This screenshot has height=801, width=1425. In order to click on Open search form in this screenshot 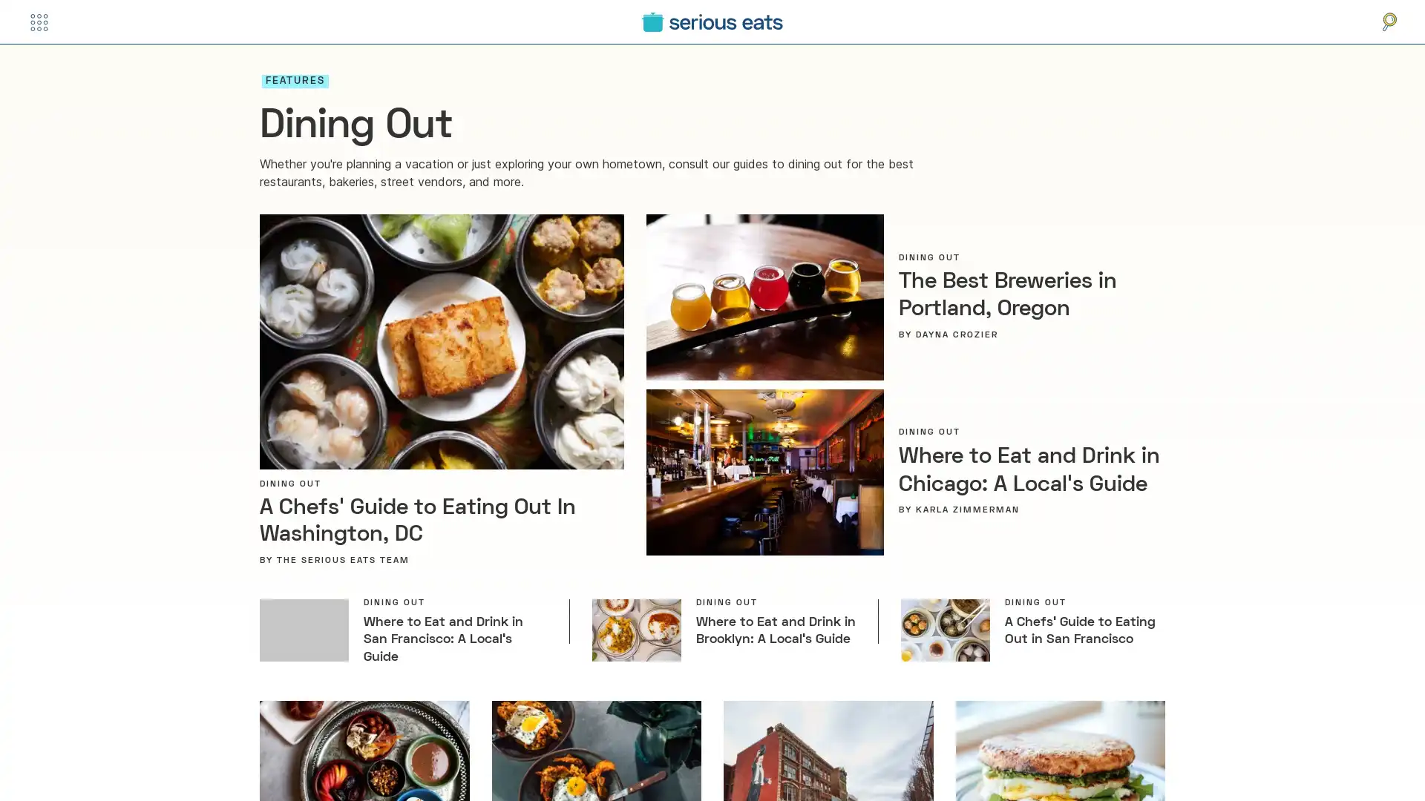, I will do `click(1389, 22)`.